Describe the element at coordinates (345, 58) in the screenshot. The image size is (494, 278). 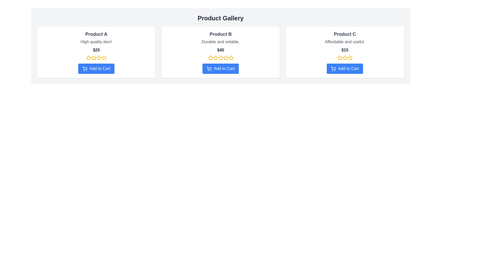
I see `the third hollow star icon with a yellow outline in the rating system beneath the 'Product C' card` at that location.